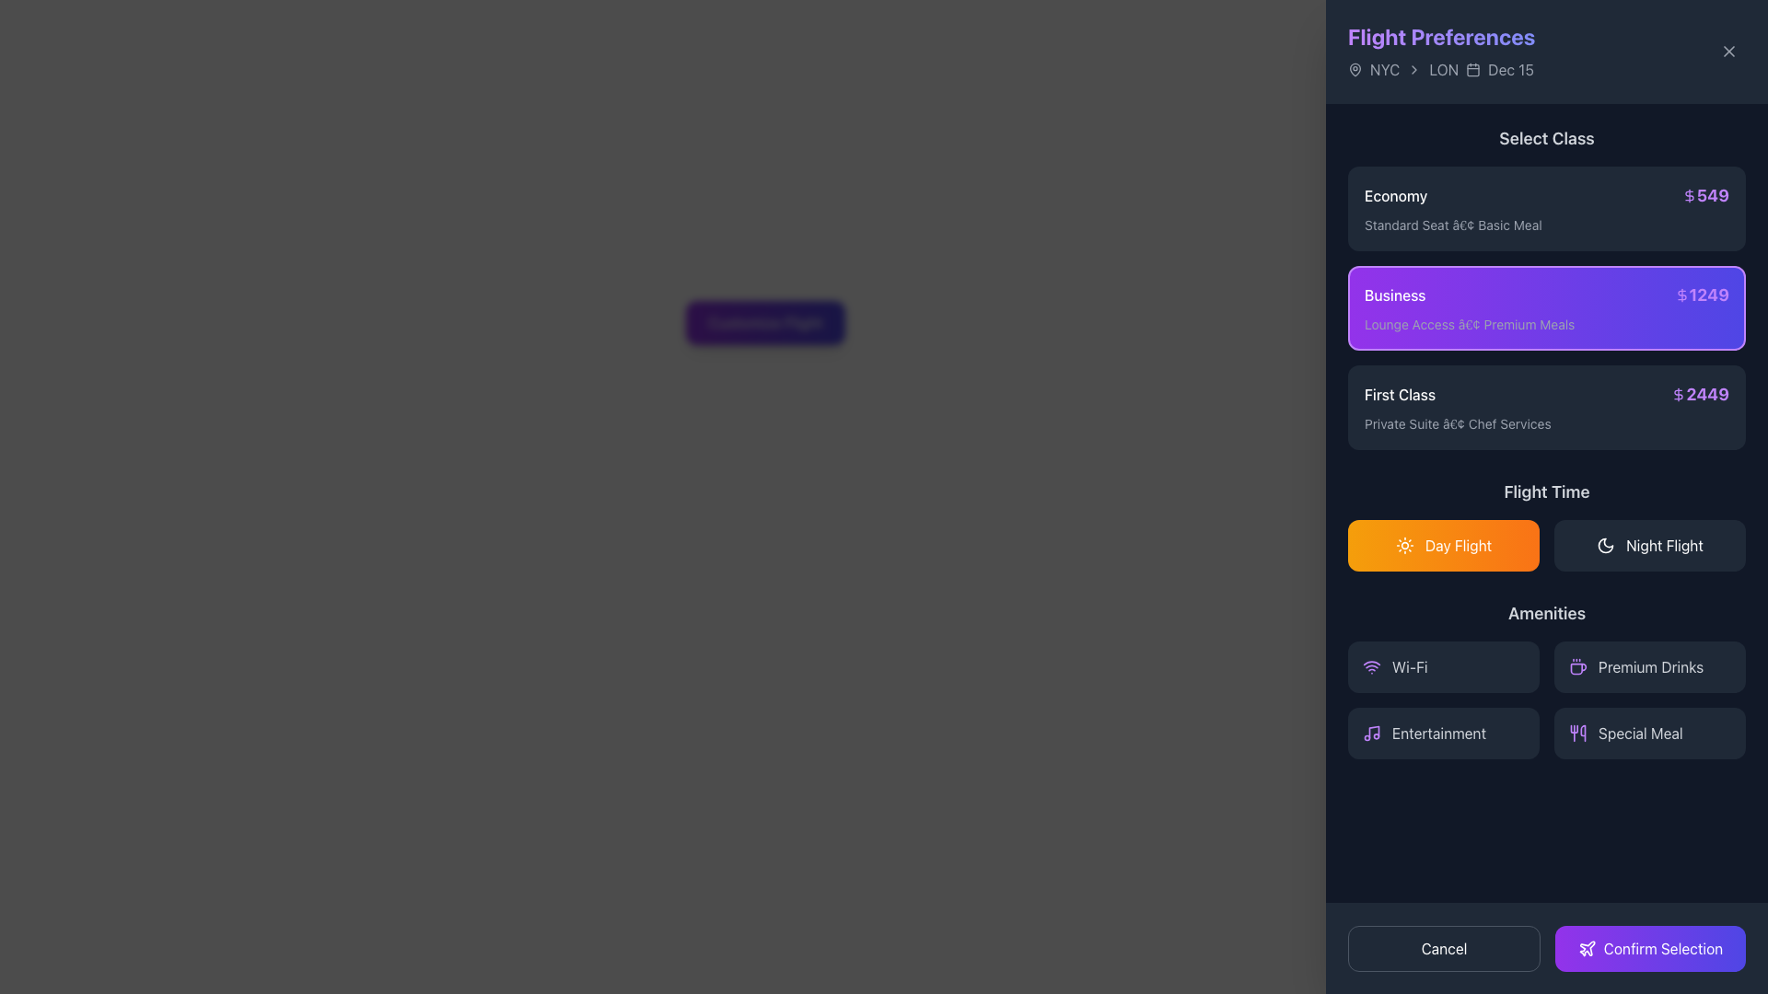 This screenshot has width=1768, height=994. What do you see at coordinates (1458, 545) in the screenshot?
I see `the 'Day Flight' button using keyboard navigation` at bounding box center [1458, 545].